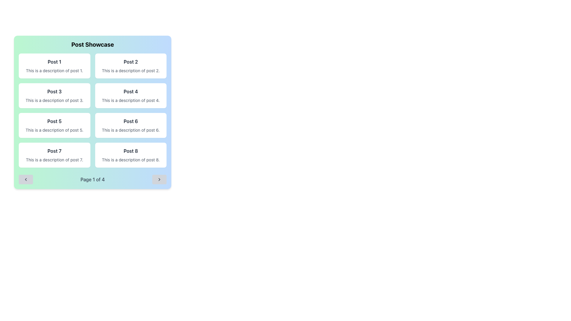  I want to click on the text label providing descriptive context for 'Post 7', located directly below the header labeled 'Post 7', so click(54, 159).